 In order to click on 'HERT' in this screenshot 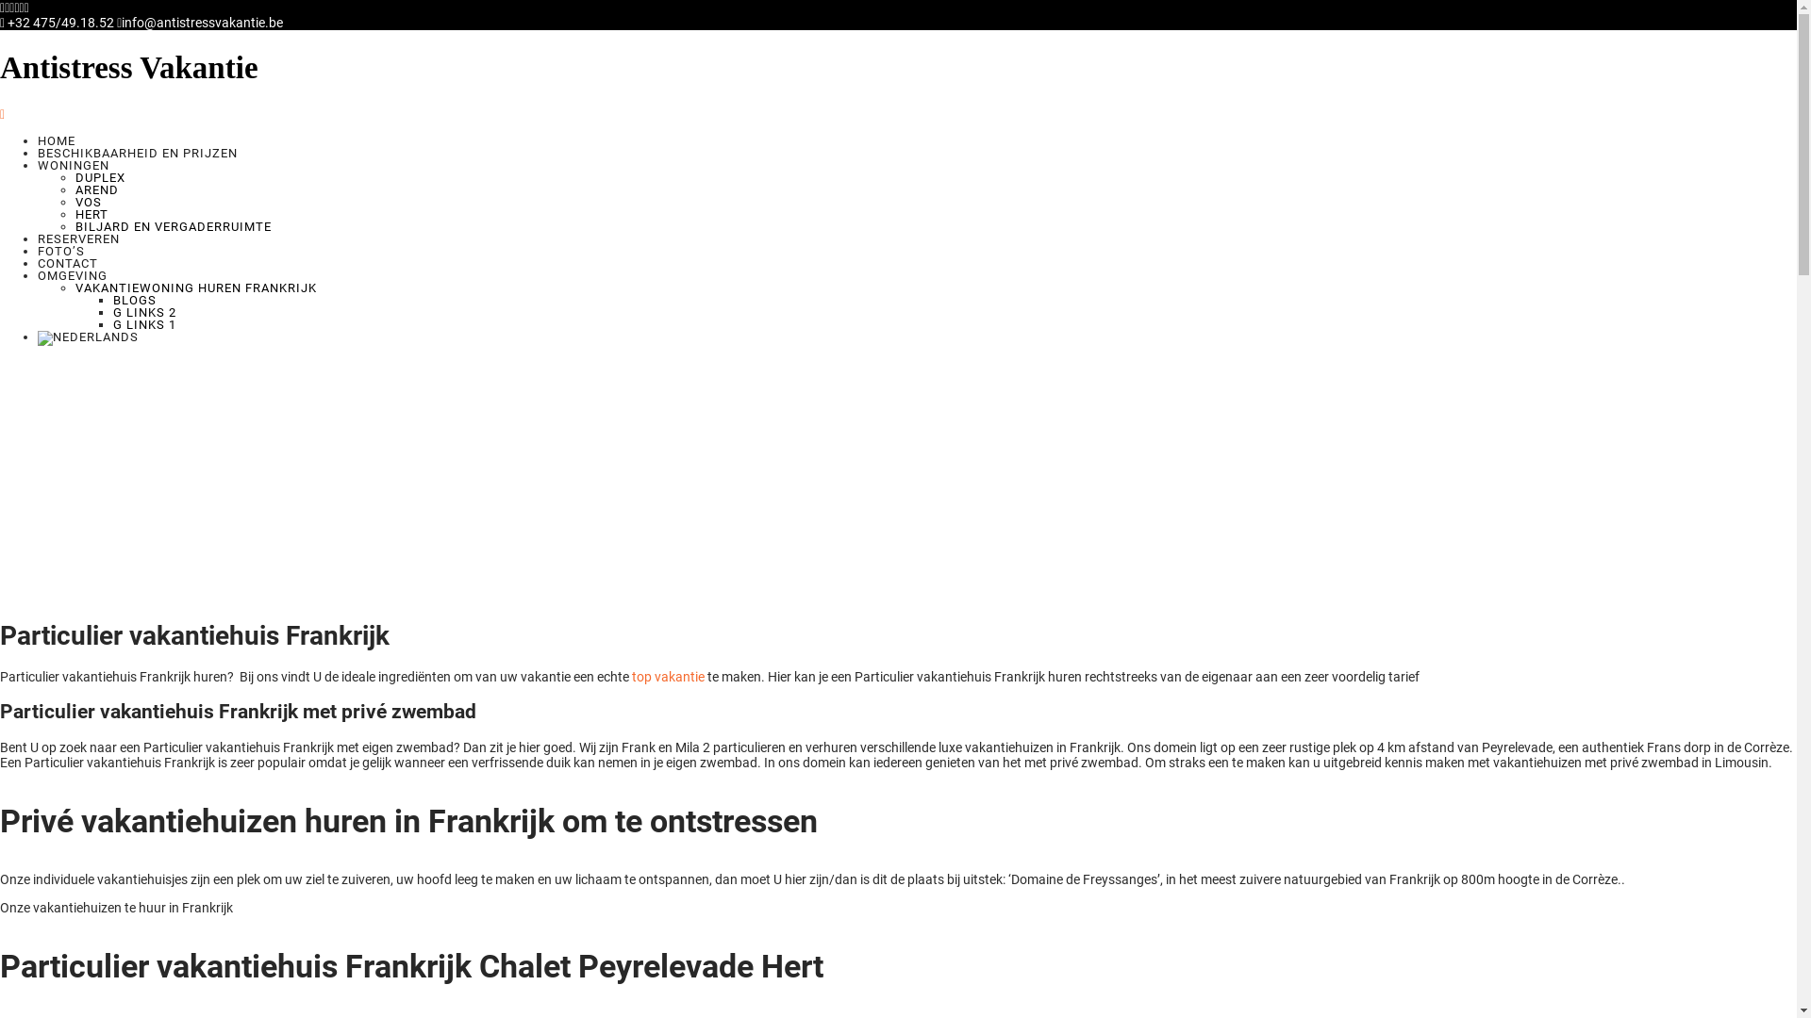, I will do `click(91, 213)`.